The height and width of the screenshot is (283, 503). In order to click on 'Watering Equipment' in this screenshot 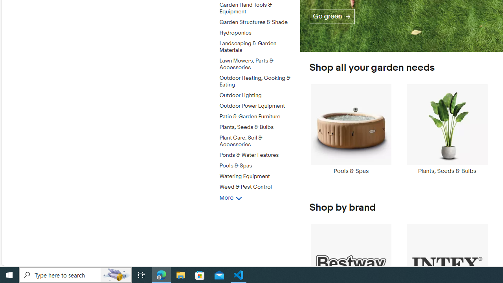, I will do `click(257, 175)`.